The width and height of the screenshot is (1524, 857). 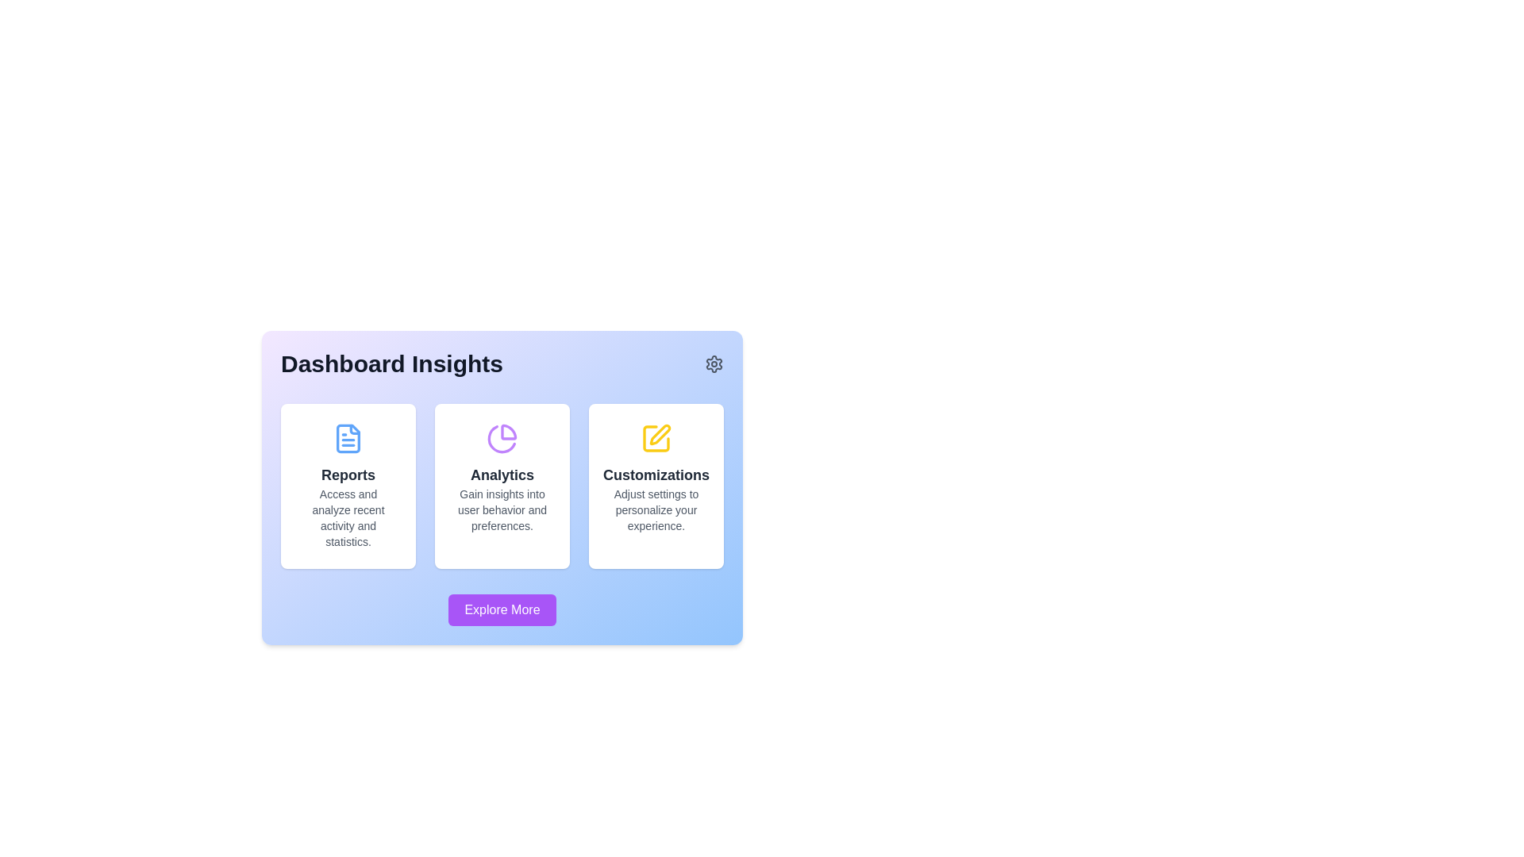 I want to click on the decorative illustration icon in the 'Reports' section, which is located in the top-left corner of the card, so click(x=347, y=438).